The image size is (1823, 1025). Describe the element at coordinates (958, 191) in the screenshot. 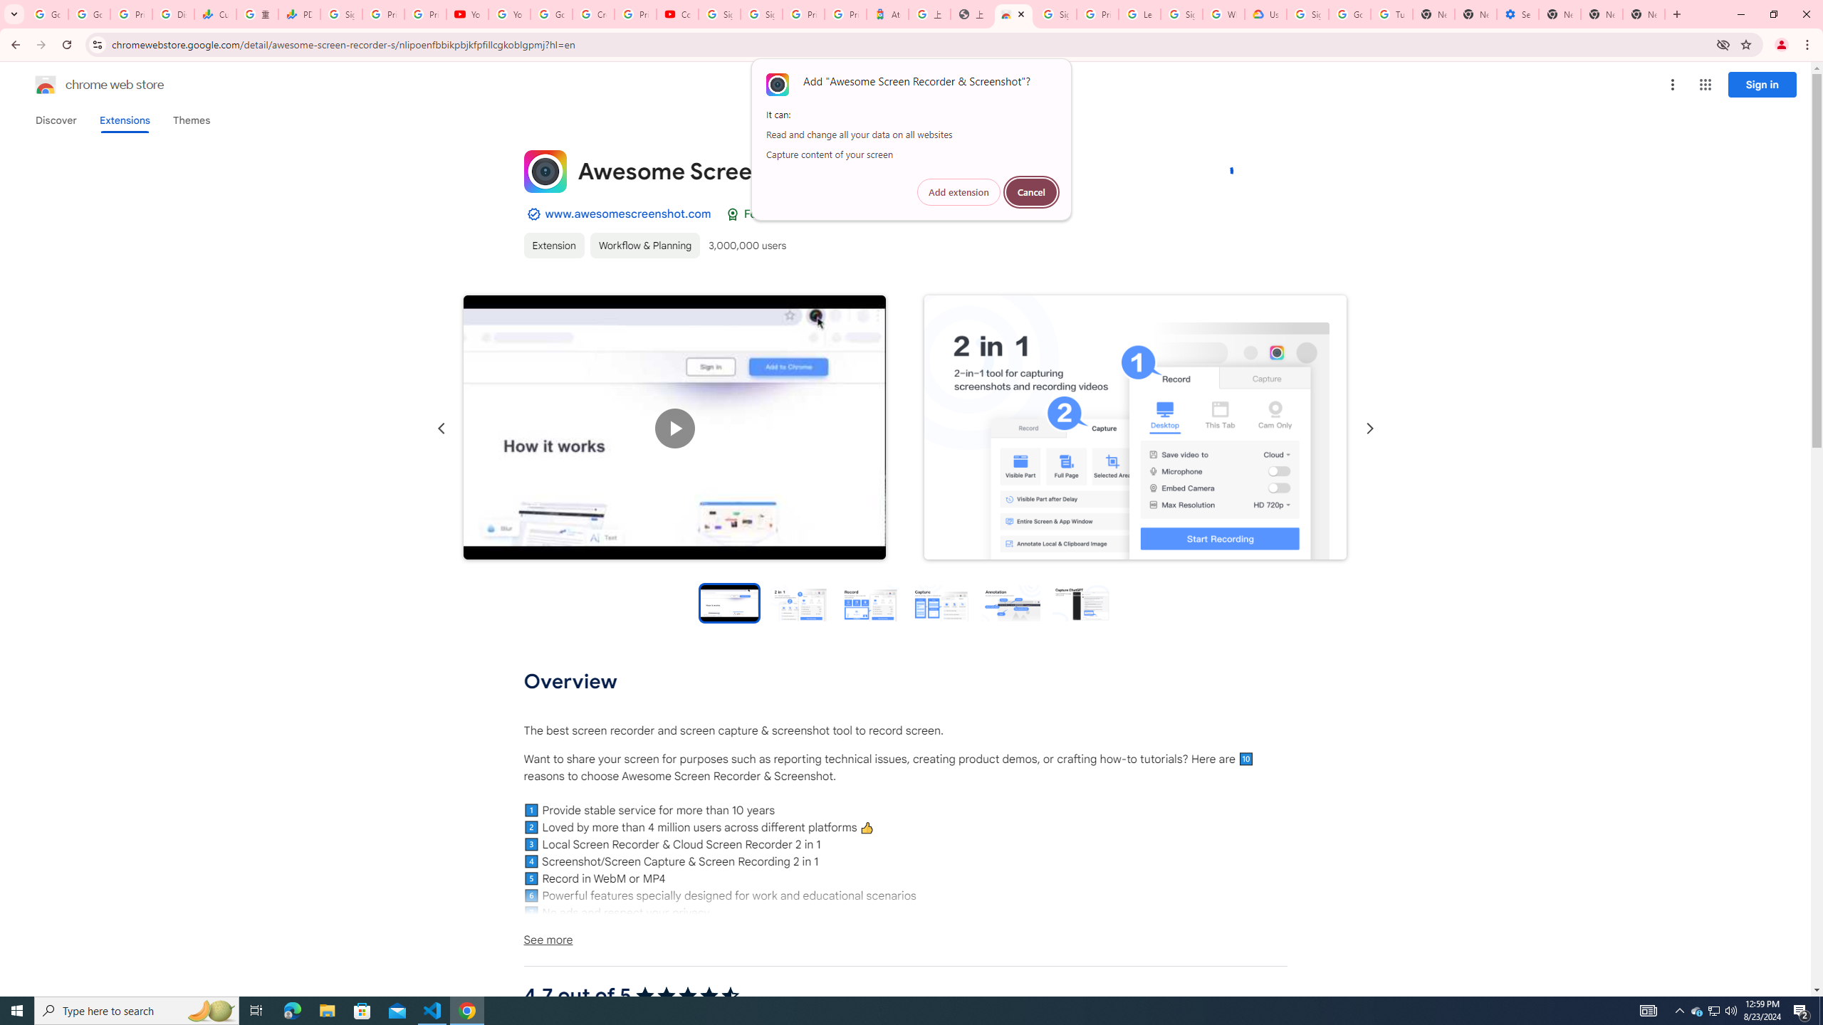

I see `'Add extension'` at that location.